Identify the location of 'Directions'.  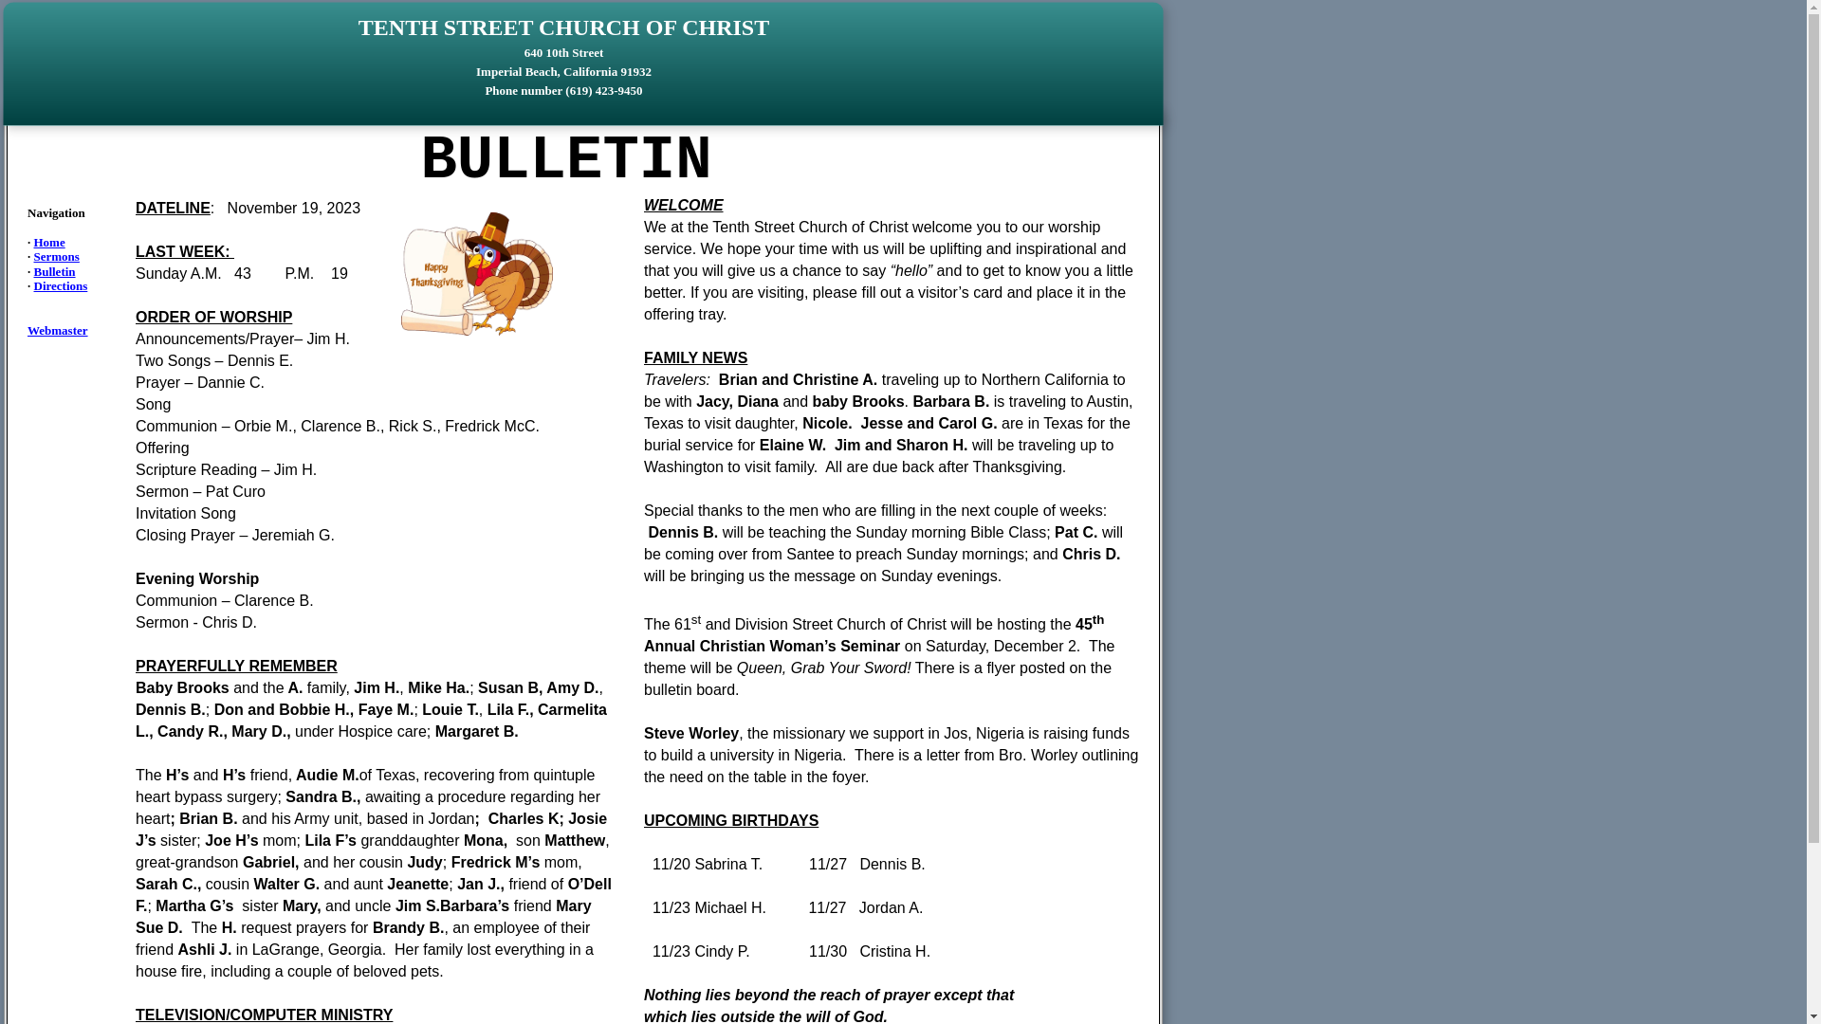
(61, 285).